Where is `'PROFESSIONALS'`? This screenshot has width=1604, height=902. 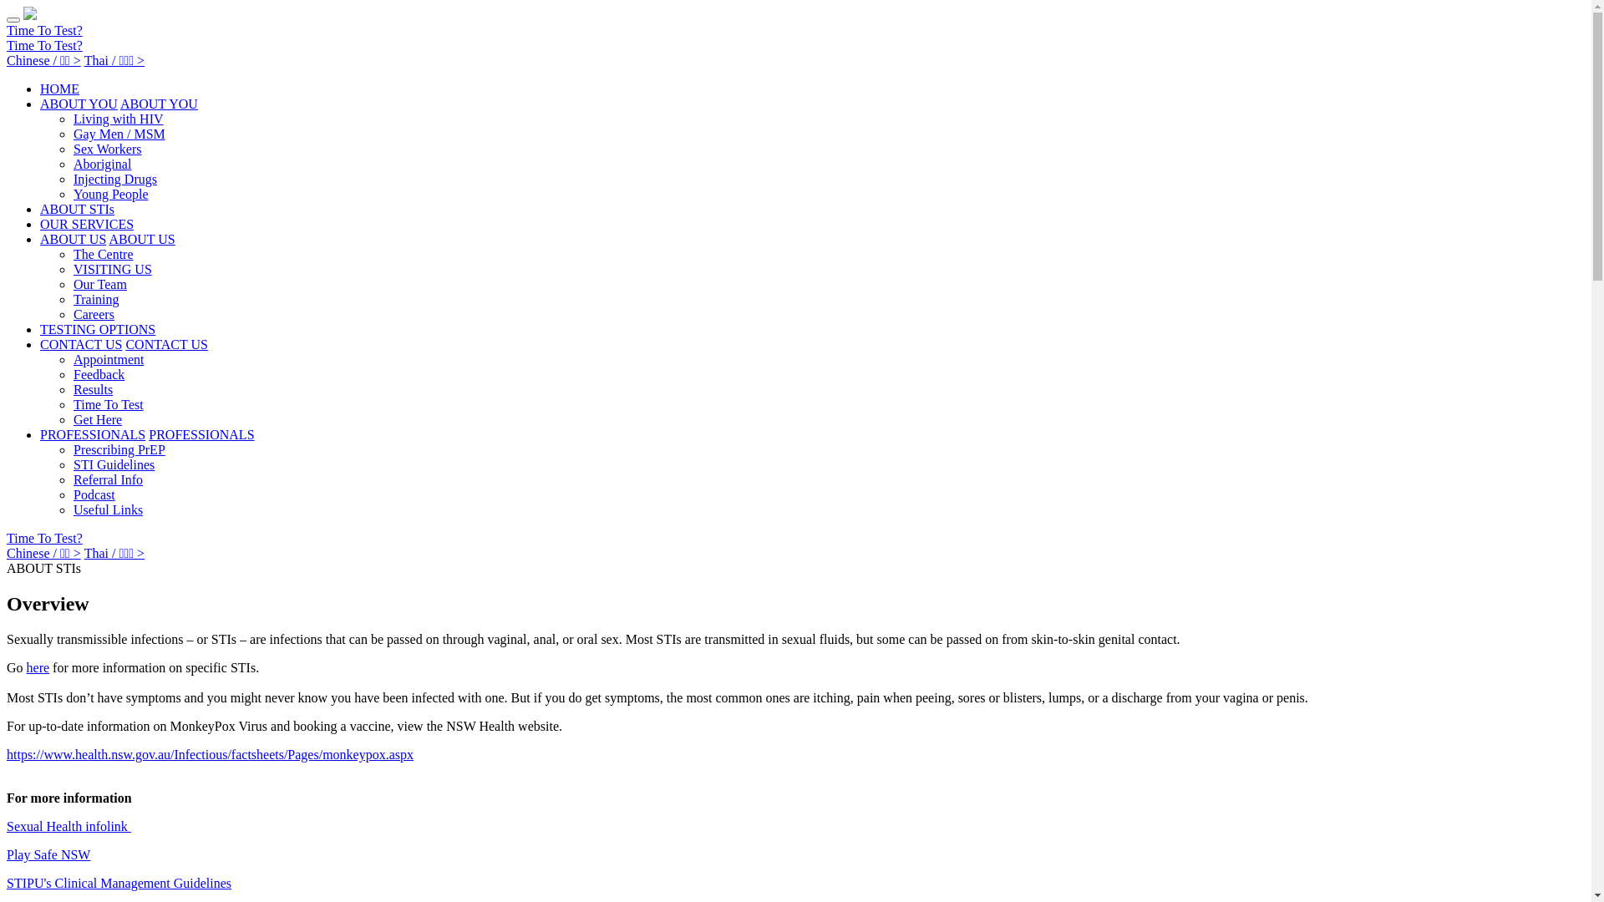 'PROFESSIONALS' is located at coordinates (91, 433).